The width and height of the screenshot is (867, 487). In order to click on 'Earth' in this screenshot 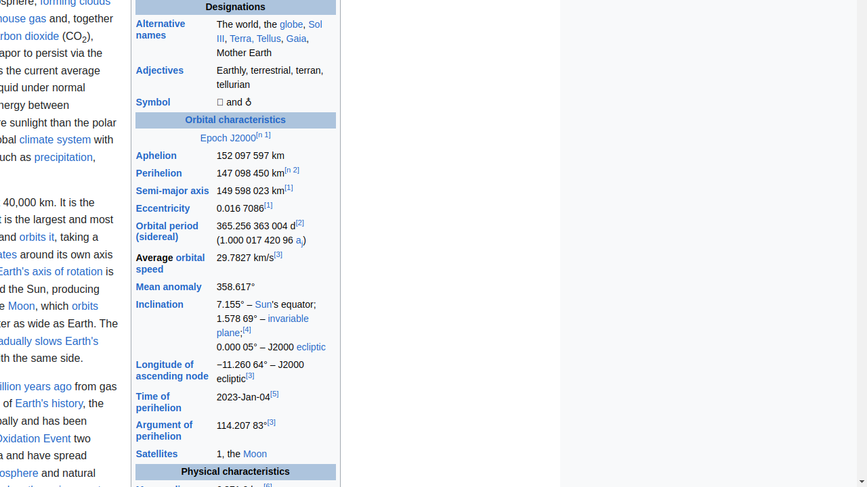, I will do `click(48, 403)`.